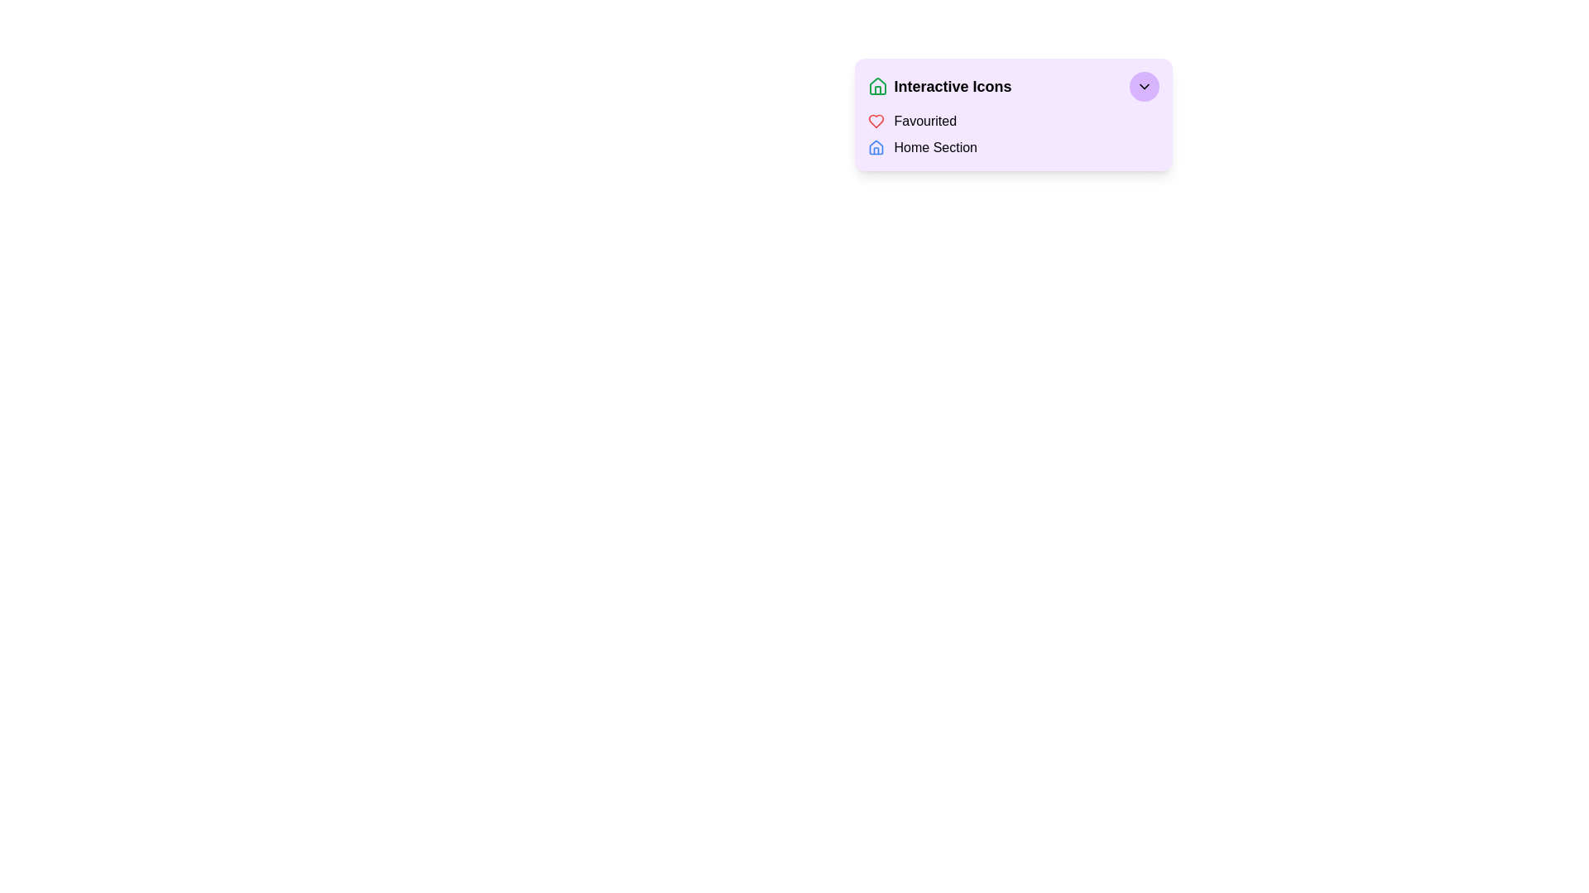 The image size is (1589, 893). What do you see at coordinates (1143, 86) in the screenshot?
I see `the downward chevron-shaped icon located within the circular button on the far right of the rectangular card` at bounding box center [1143, 86].